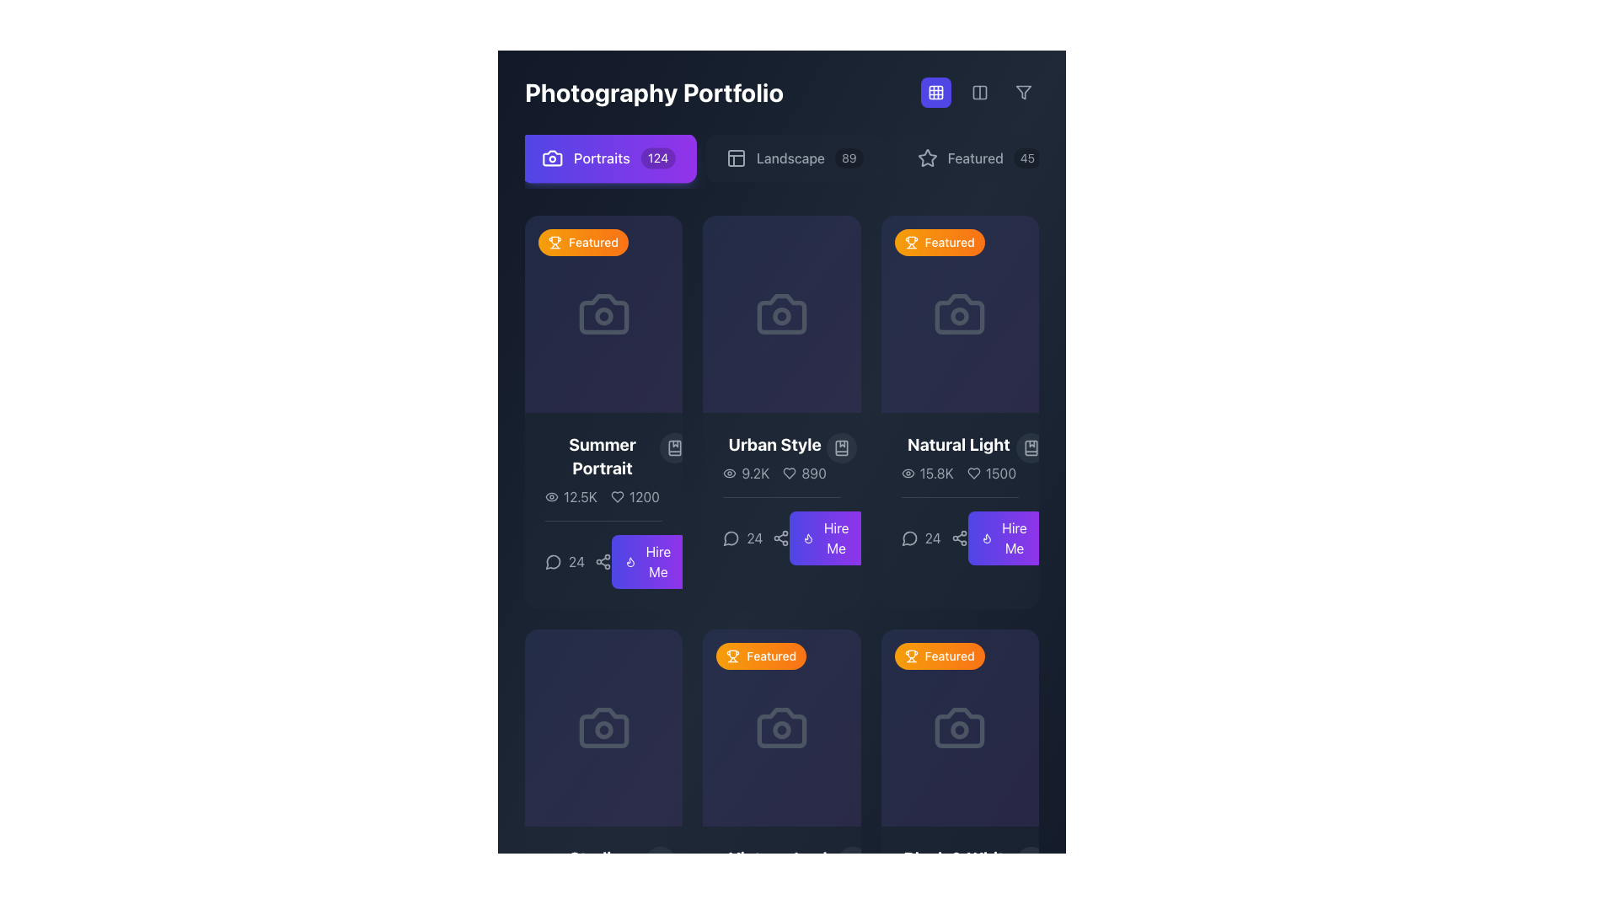 The height and width of the screenshot is (910, 1618). What do you see at coordinates (849, 158) in the screenshot?
I see `displayed number '89' on the Badge located within the 'Landscape' menu item, which is a small, rounded rectangle with a dark background` at bounding box center [849, 158].